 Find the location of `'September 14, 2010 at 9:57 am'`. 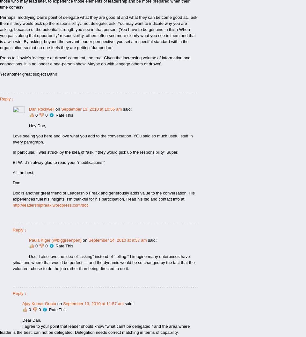

'September 14, 2010 at 9:57 am' is located at coordinates (117, 239).